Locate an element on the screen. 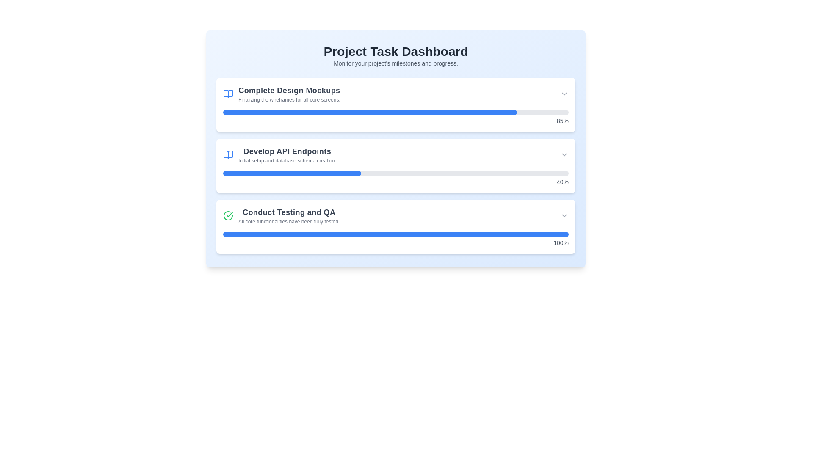 The width and height of the screenshot is (813, 457). the icon that serves as a visual indicator for the task category associated with 'Complete Design Mockups' by is located at coordinates (228, 94).